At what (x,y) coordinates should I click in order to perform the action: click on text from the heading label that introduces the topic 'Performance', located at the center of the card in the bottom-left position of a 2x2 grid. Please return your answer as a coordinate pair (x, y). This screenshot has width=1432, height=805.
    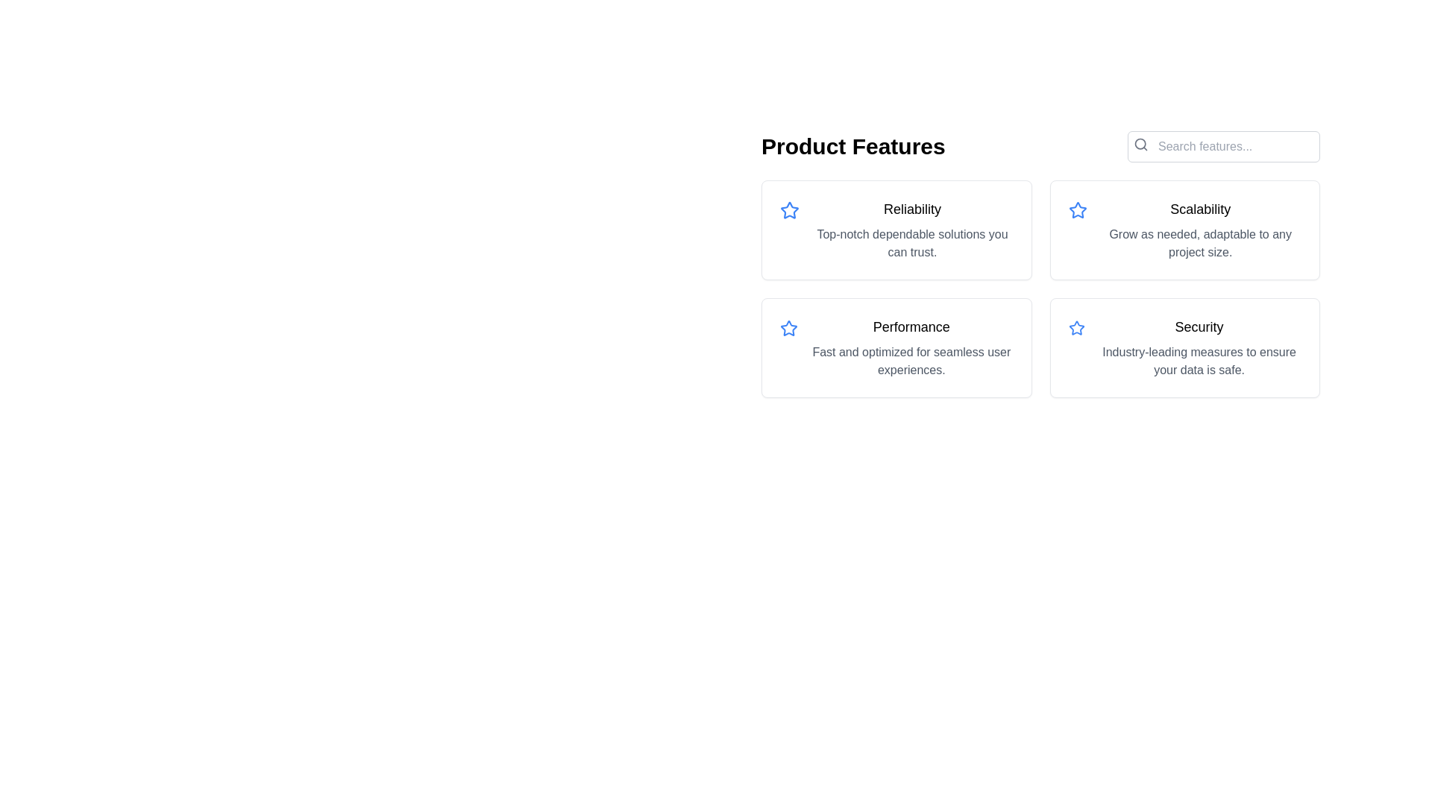
    Looking at the image, I should click on (911, 326).